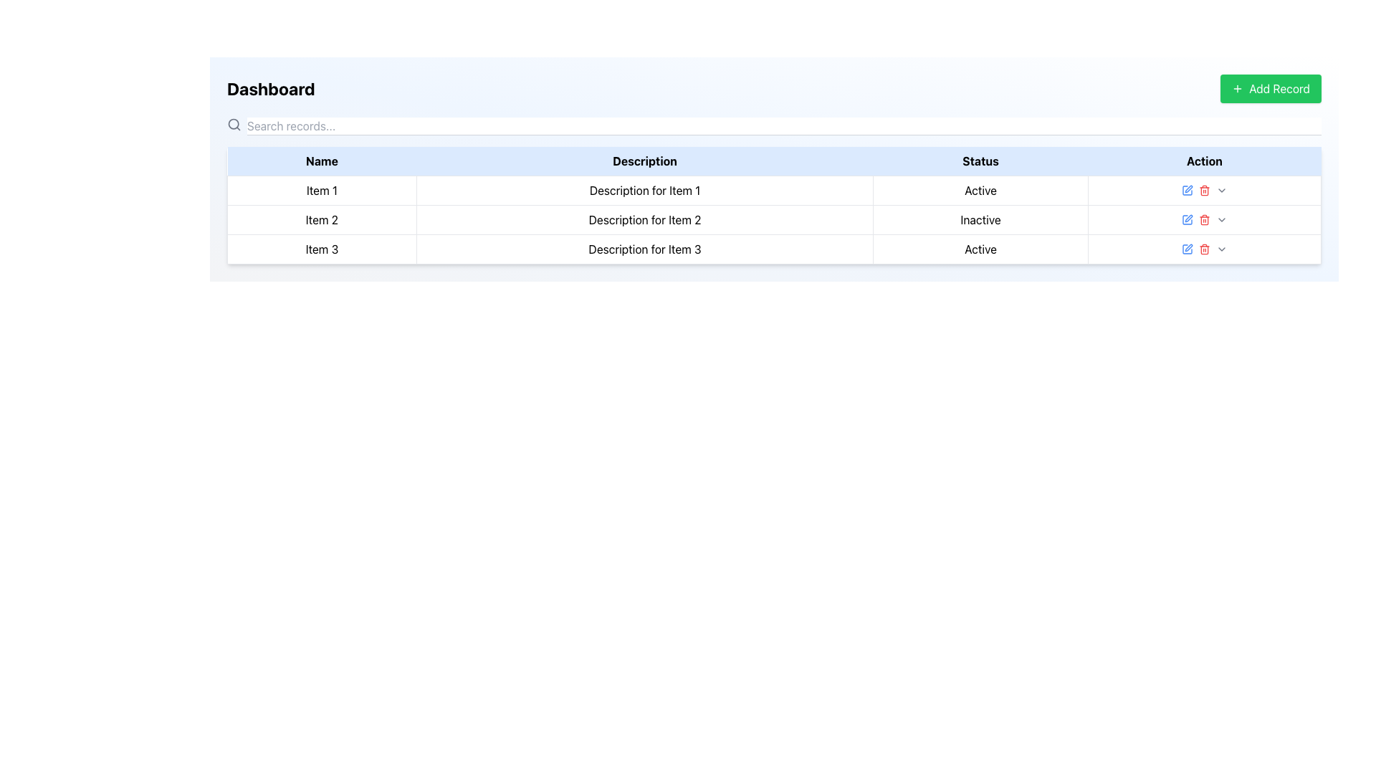 The height and width of the screenshot is (774, 1376). I want to click on the delete button in the 'Action' column of the table associated with the first row, so click(1204, 190).